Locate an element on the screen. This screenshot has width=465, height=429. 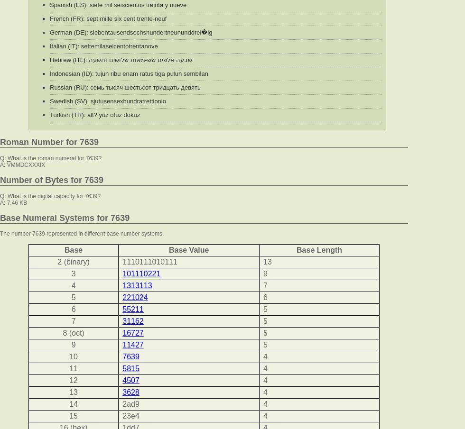
'Roman Number for  7639' is located at coordinates (49, 142).